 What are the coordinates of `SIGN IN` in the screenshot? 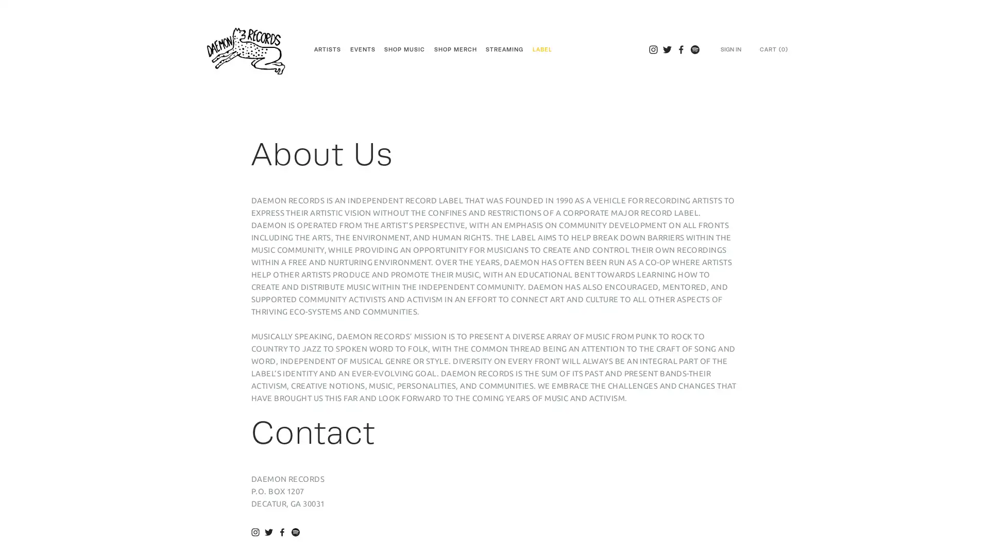 It's located at (730, 49).